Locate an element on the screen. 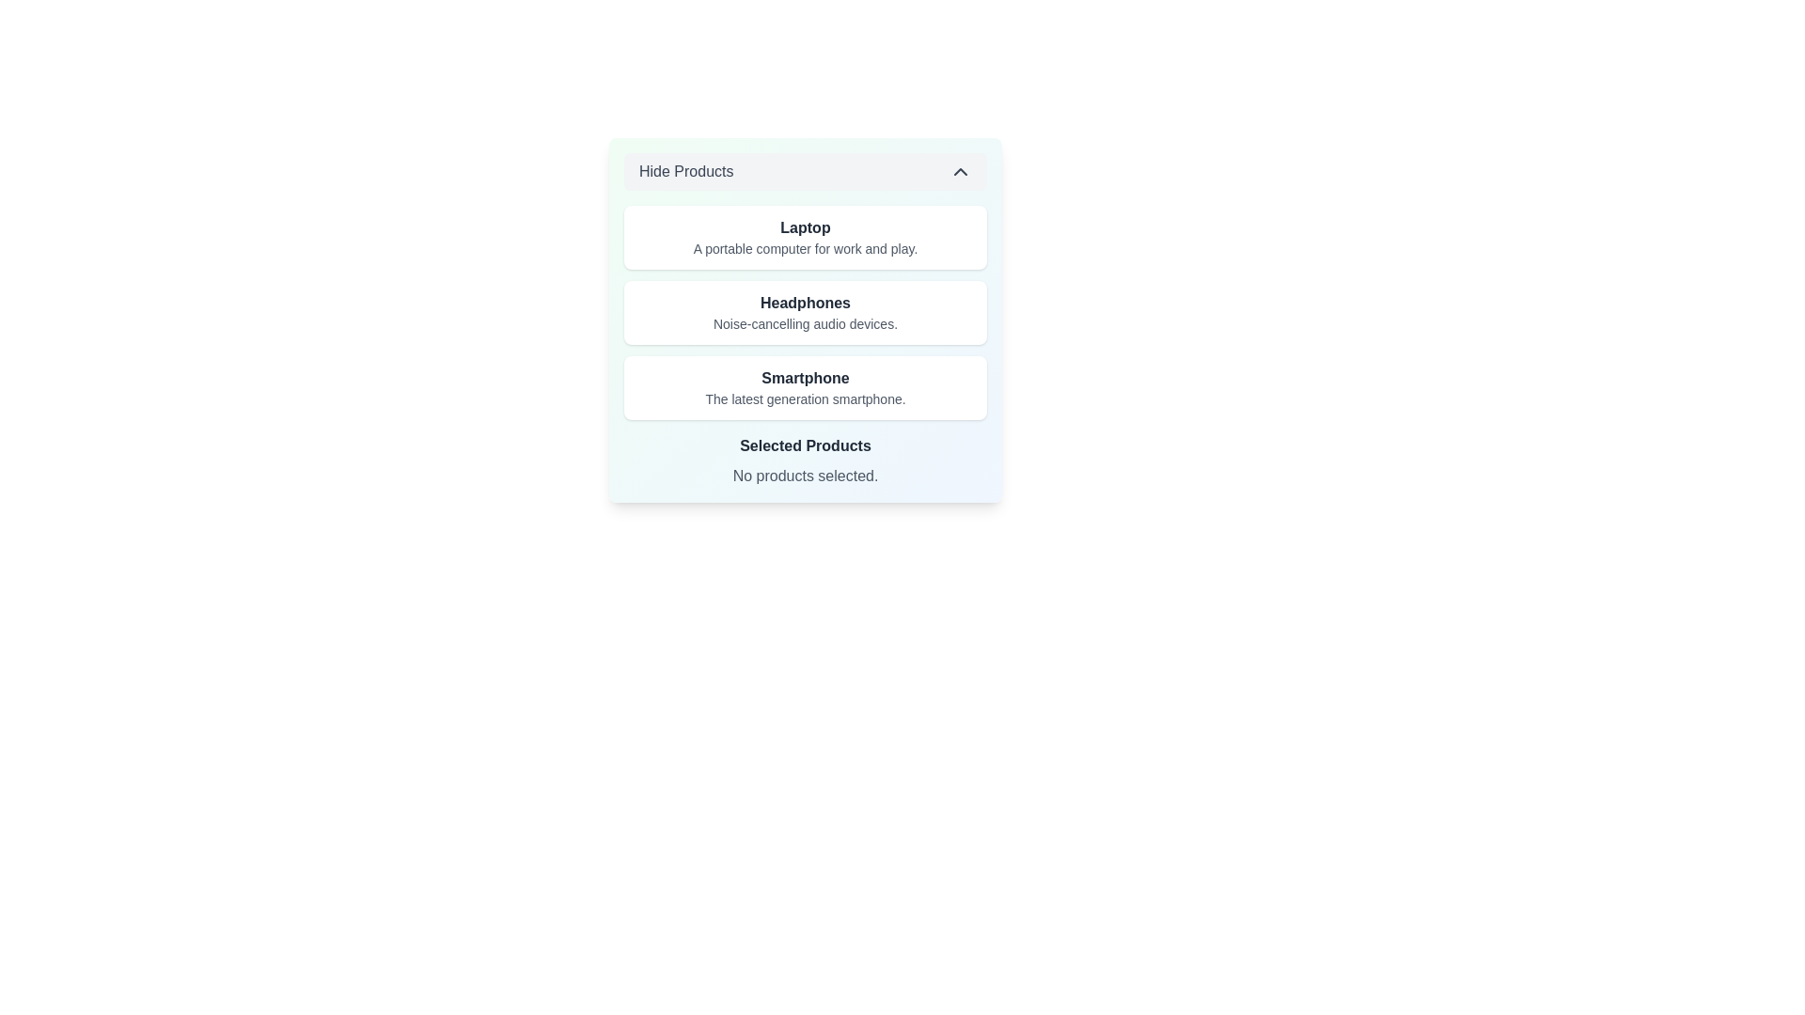  the 'Hide Products' collapsible header, which has a light gray background and an upward chevron icon is located at coordinates (806, 171).